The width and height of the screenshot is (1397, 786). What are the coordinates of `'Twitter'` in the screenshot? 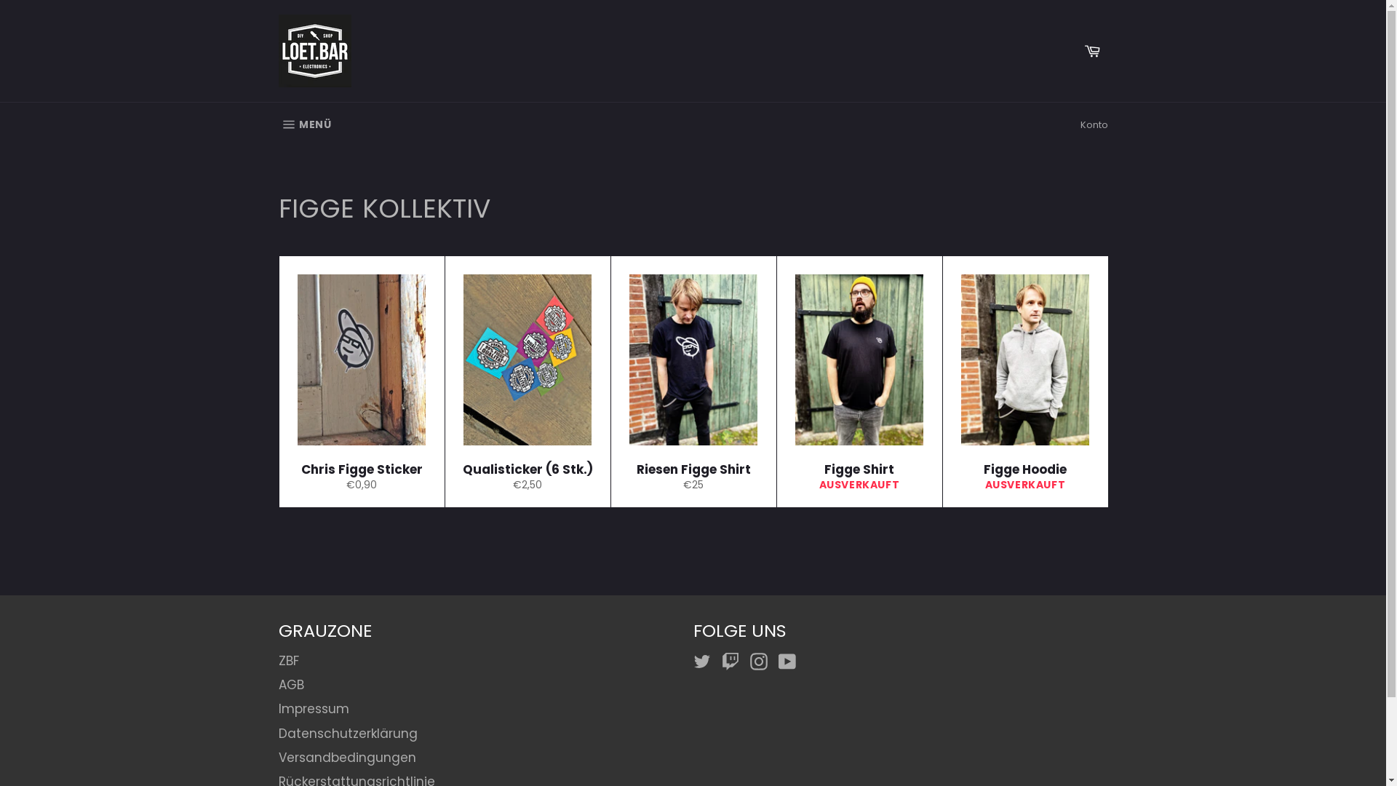 It's located at (705, 662).